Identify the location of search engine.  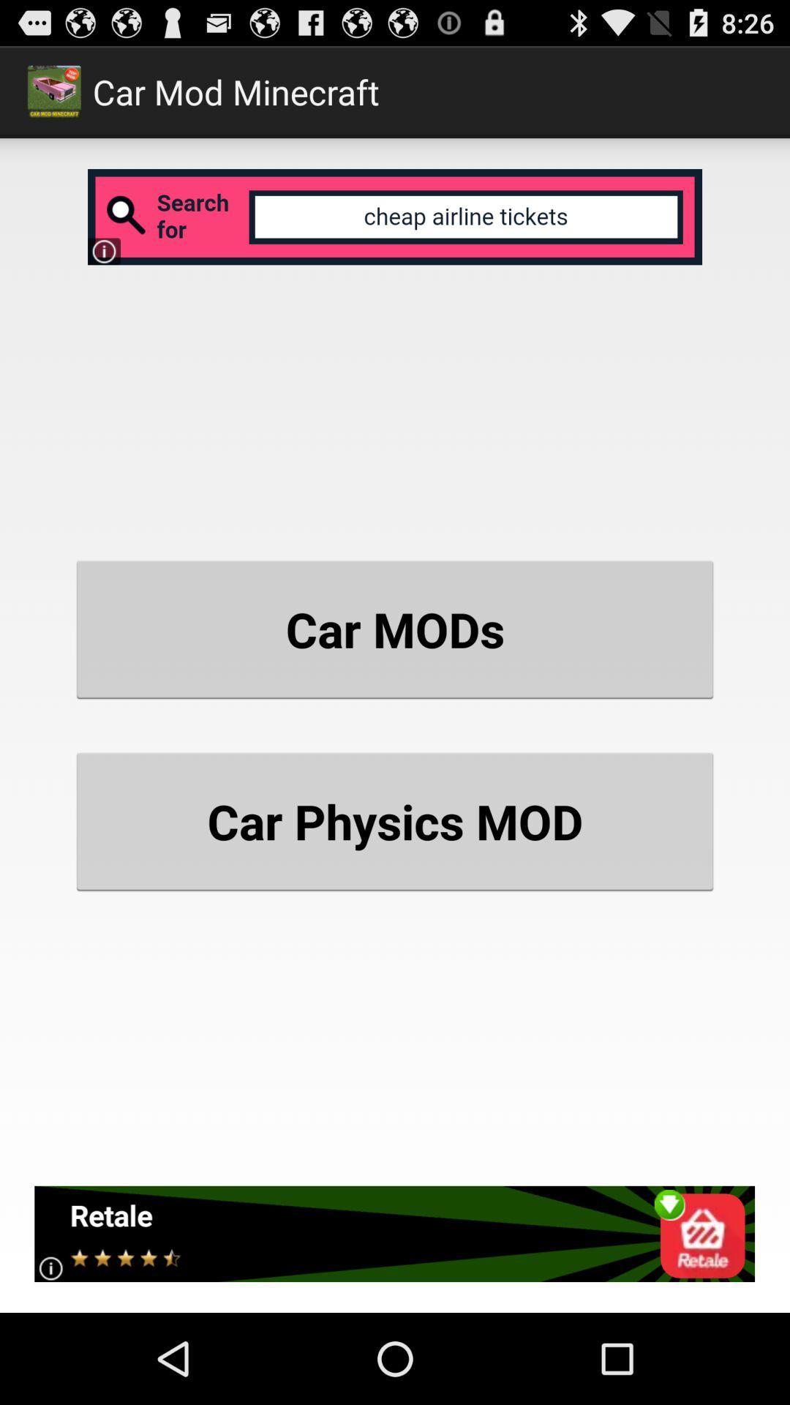
(395, 216).